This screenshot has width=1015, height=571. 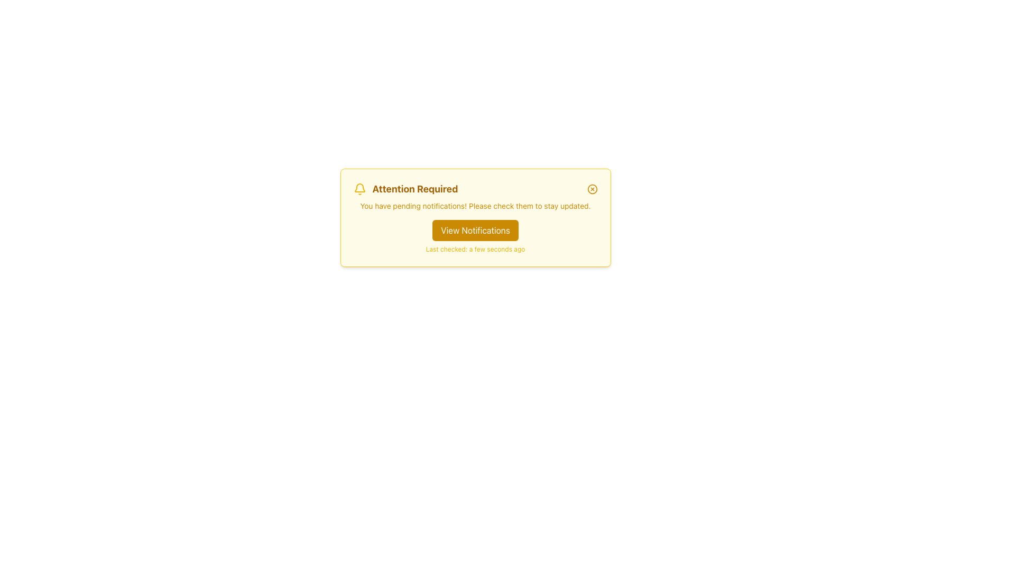 What do you see at coordinates (405, 189) in the screenshot?
I see `message displayed in the 'Attention Required' text label, which is styled in bold yellow-orange font, accompanied by a yellow bell icon, located near the top-left corner of the alert box` at bounding box center [405, 189].